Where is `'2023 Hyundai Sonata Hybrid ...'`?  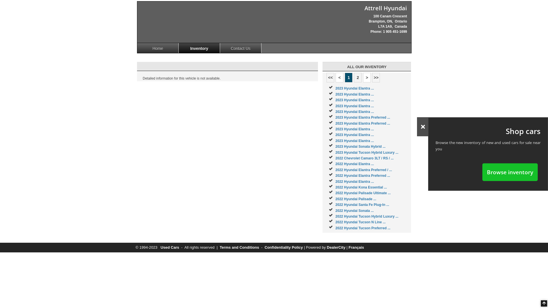 '2023 Hyundai Sonata Hybrid ...' is located at coordinates (360, 146).